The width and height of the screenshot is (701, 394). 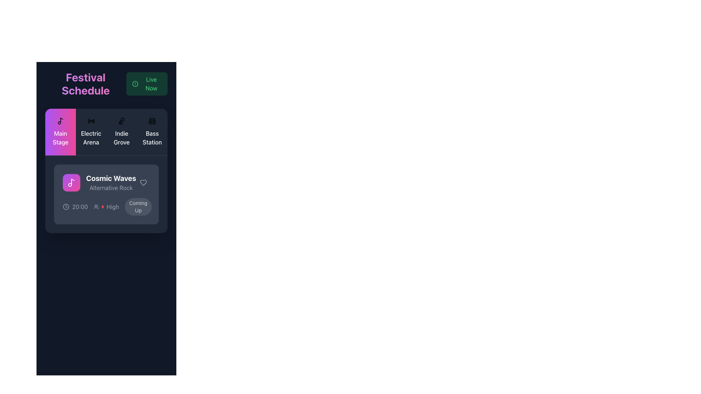 I want to click on the microphone-shaped icon located in the grid menu under the label 'Indie Grove', so click(x=122, y=120).